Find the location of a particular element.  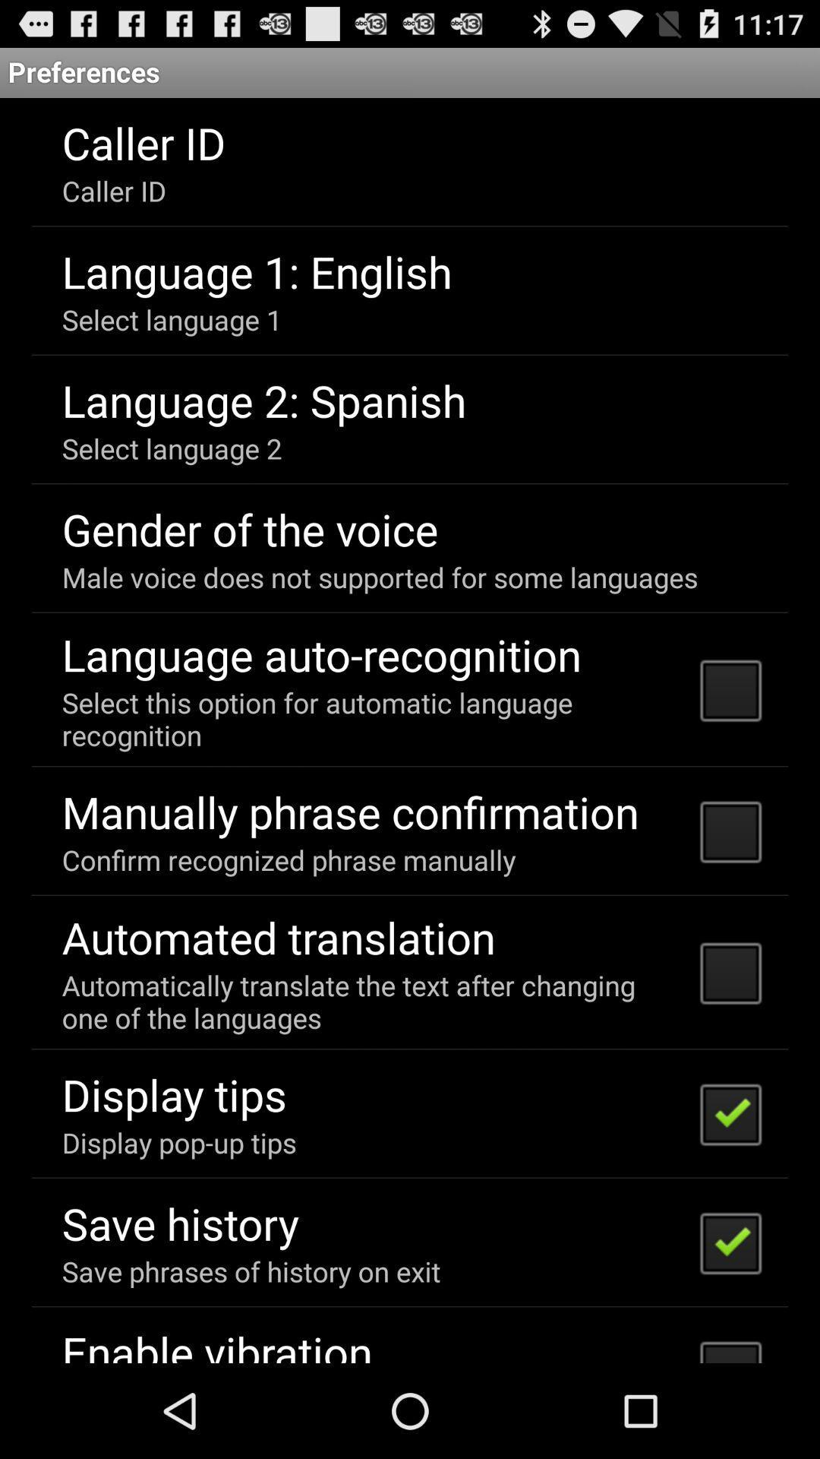

the enable vibration item is located at coordinates (217, 1343).